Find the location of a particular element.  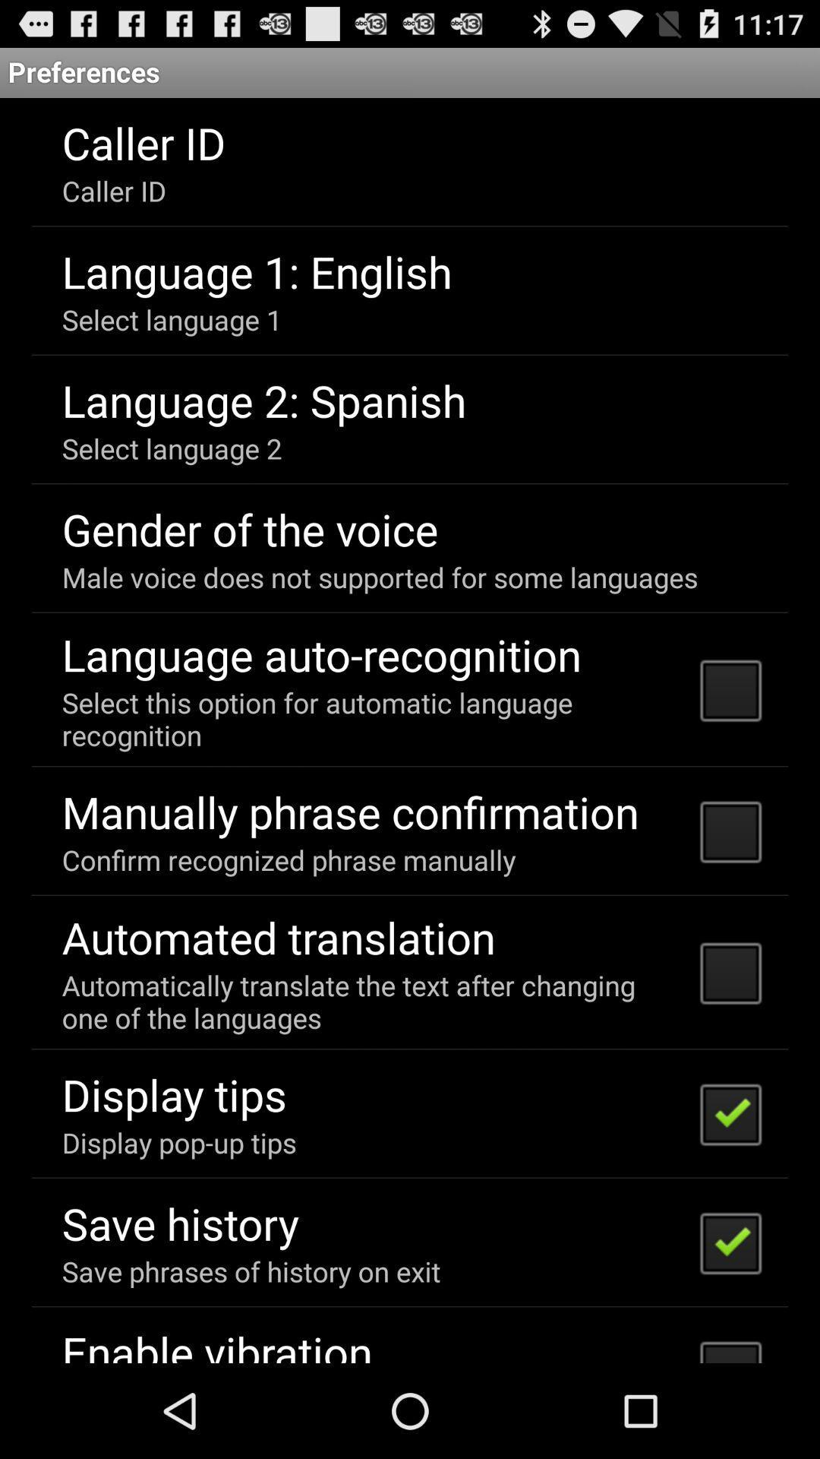

the enable vibration item is located at coordinates (217, 1343).